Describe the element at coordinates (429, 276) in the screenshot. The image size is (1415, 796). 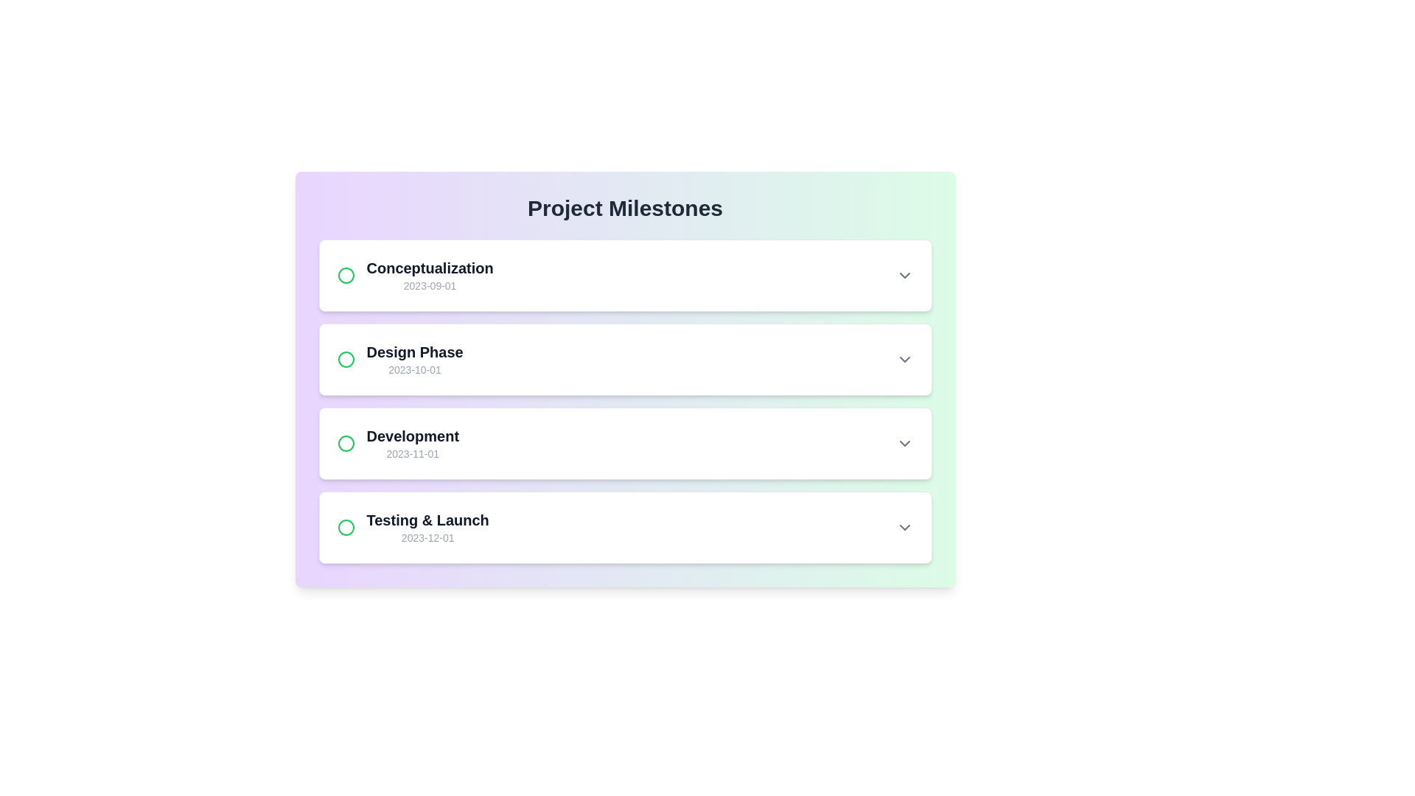
I see `the Composite text component displaying the first milestone title and date under 'Project Milestones'` at that location.